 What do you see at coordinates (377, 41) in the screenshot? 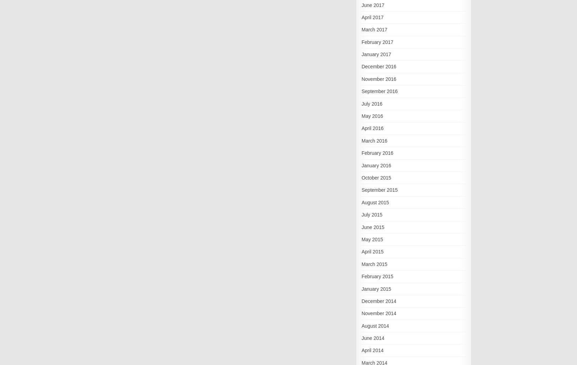
I see `'February 2017'` at bounding box center [377, 41].